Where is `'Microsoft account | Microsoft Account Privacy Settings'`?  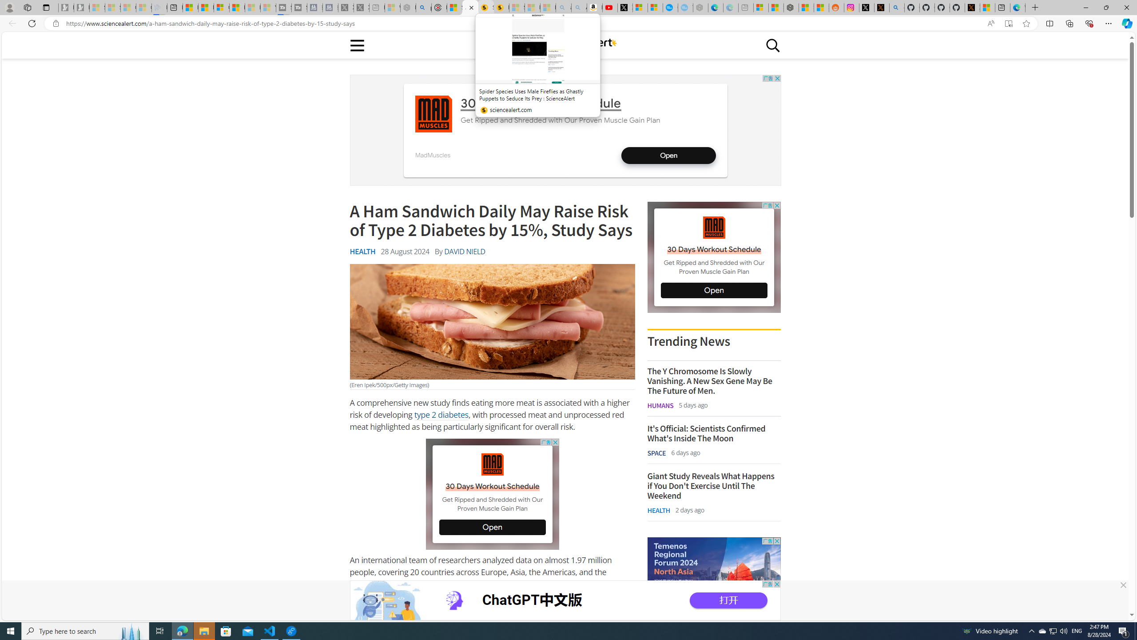
'Microsoft account | Microsoft Account Privacy Settings' is located at coordinates (760, 7).